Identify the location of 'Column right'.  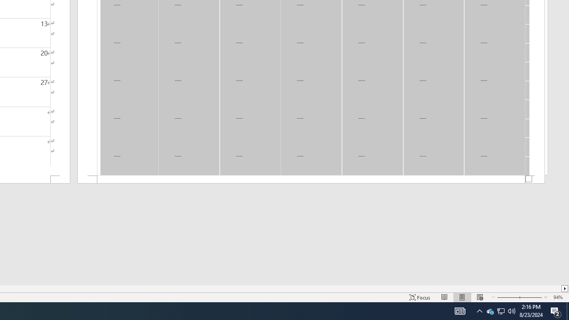
(565, 288).